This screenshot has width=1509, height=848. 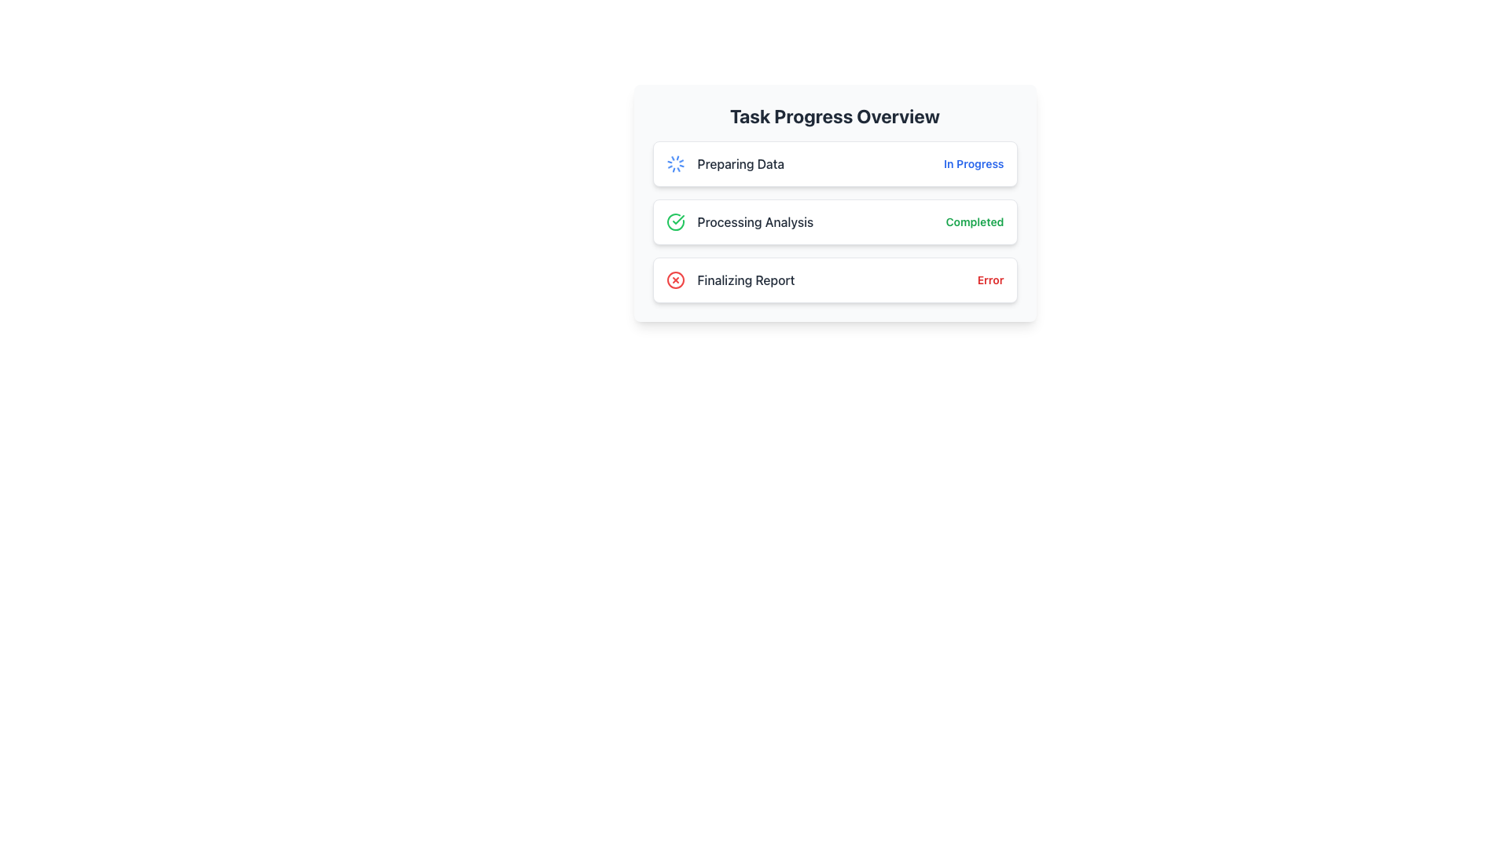 What do you see at coordinates (973, 163) in the screenshot?
I see `the 'In Progress' text label that indicates the current status of the task 'Preparing Data'` at bounding box center [973, 163].